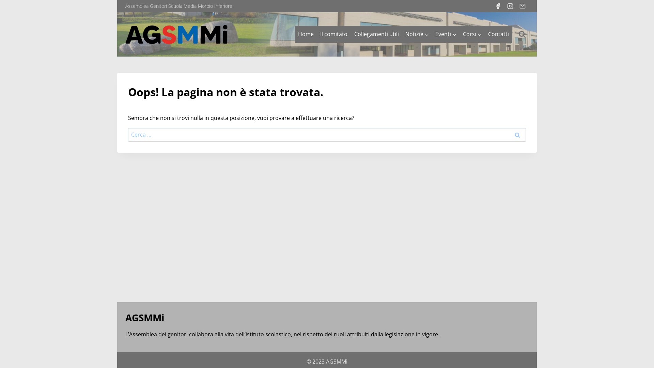 Image resolution: width=654 pixels, height=368 pixels. I want to click on 'Notizie', so click(417, 34).